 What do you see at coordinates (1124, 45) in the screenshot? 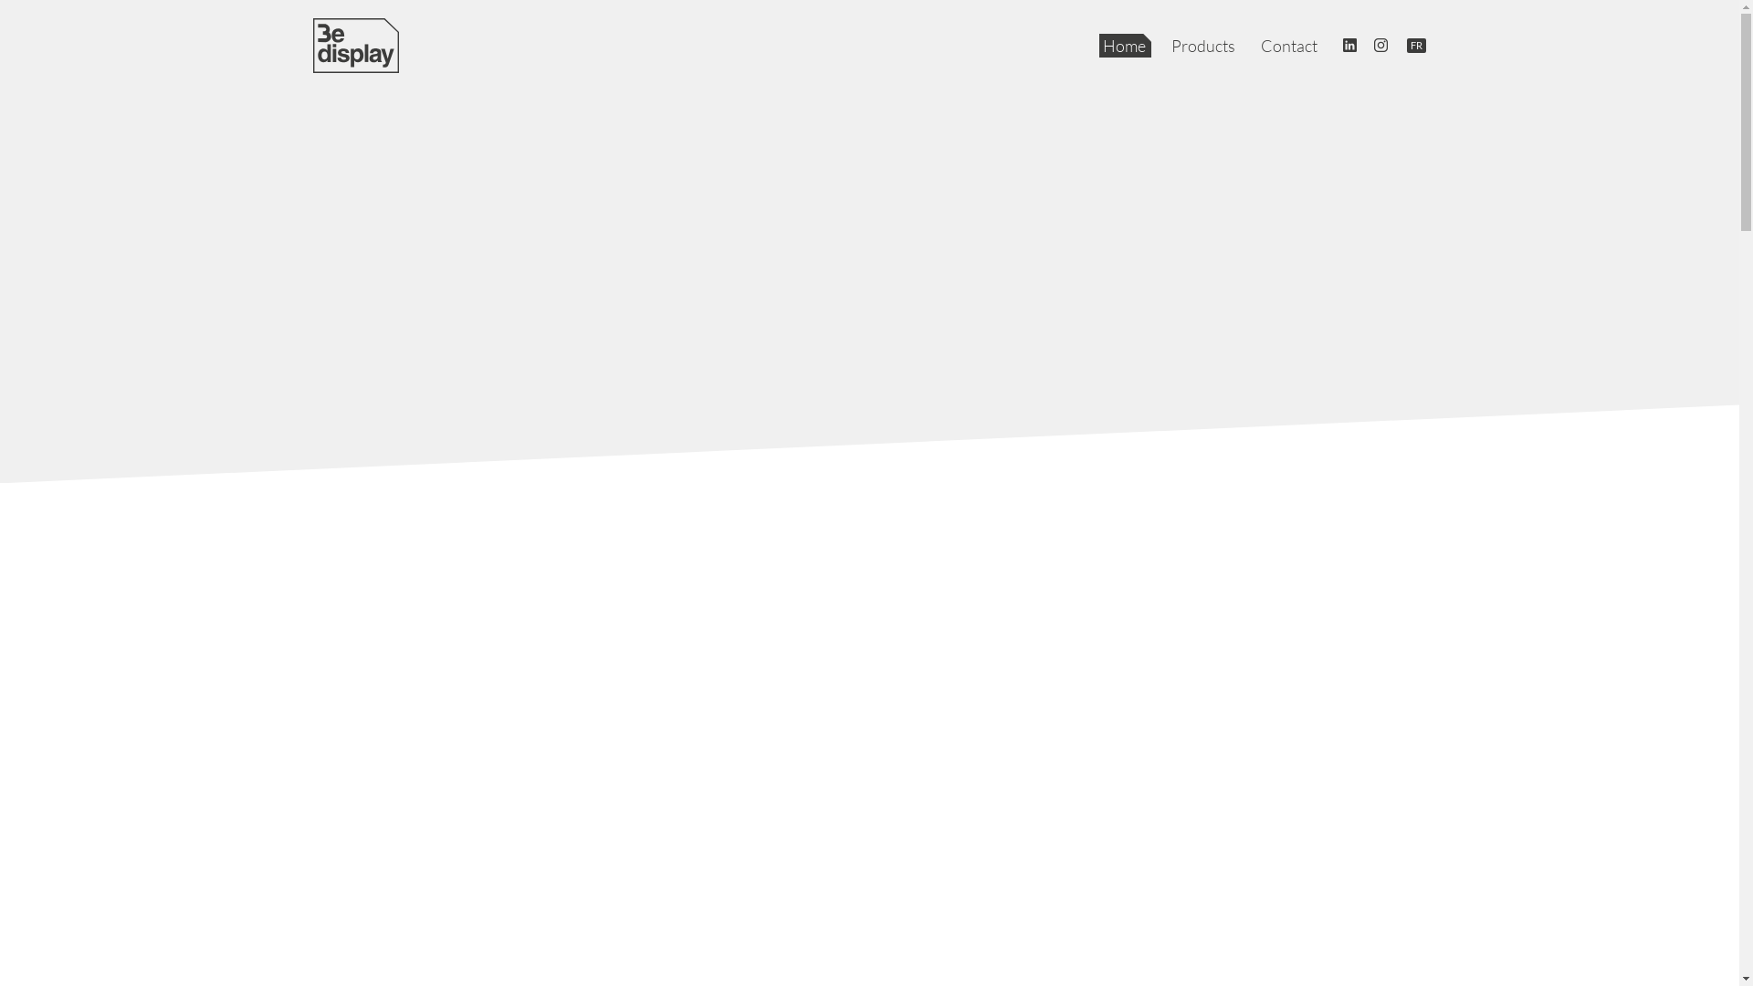
I see `'Home'` at bounding box center [1124, 45].